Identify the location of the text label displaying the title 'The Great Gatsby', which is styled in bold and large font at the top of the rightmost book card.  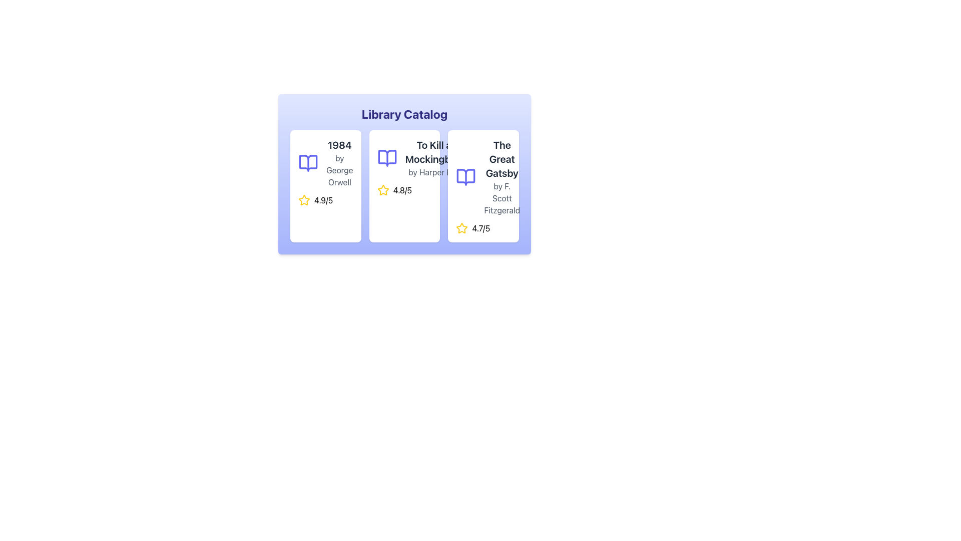
(502, 158).